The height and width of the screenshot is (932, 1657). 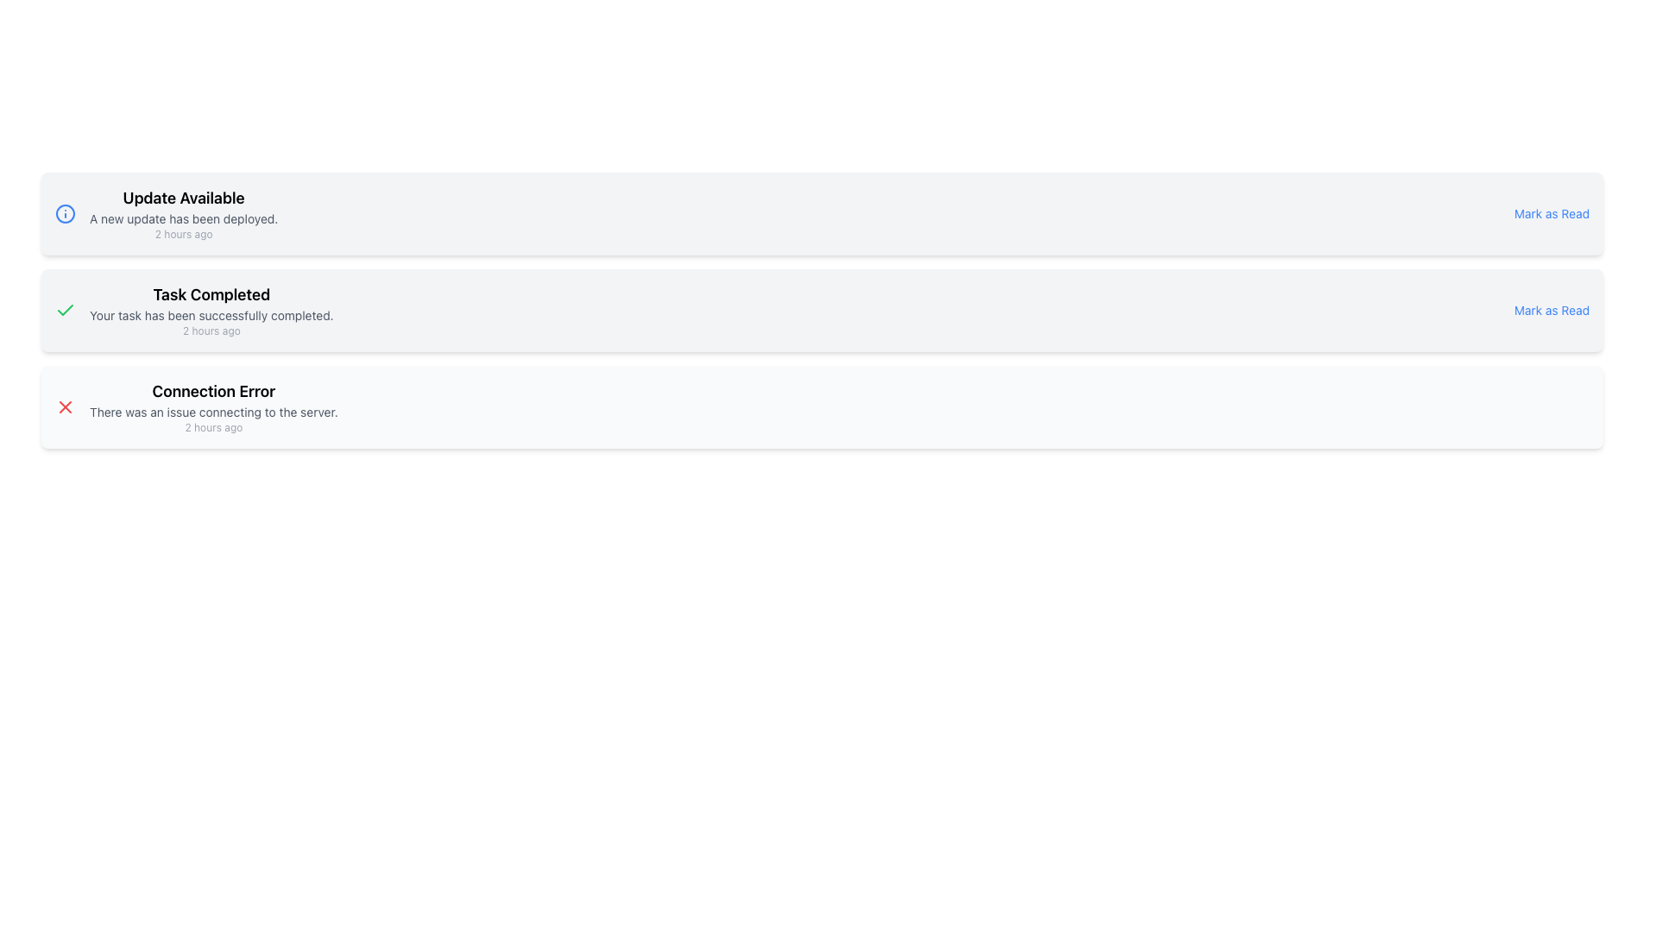 I want to click on the static text element that conveys additional details about the update in the notification block, located below the title 'Update Available', so click(x=184, y=218).